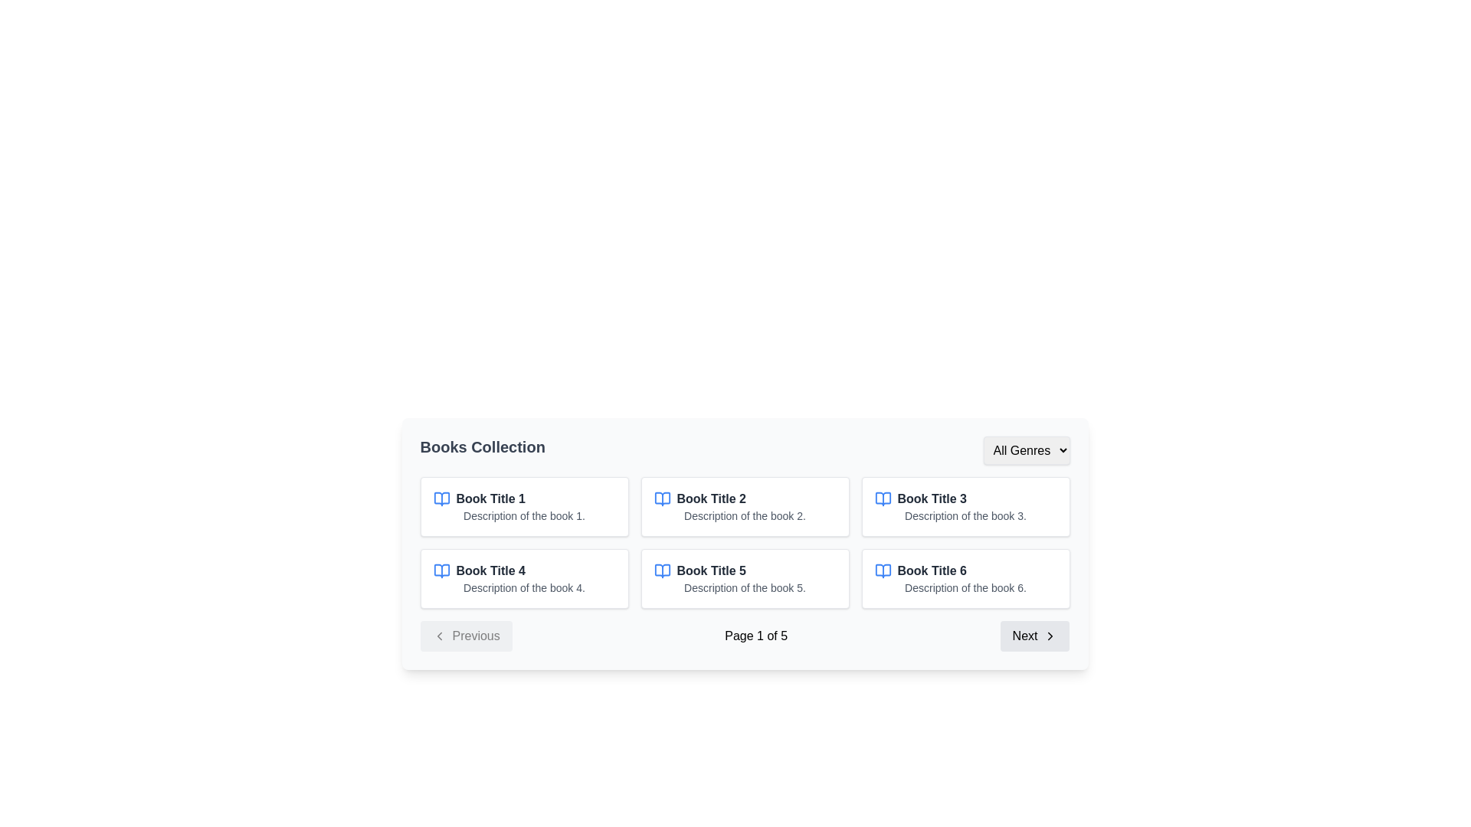  What do you see at coordinates (1026, 449) in the screenshot?
I see `the 'All Genres' dropdown menu located in the upper-right corner of the 'Books Collection' grouping` at bounding box center [1026, 449].